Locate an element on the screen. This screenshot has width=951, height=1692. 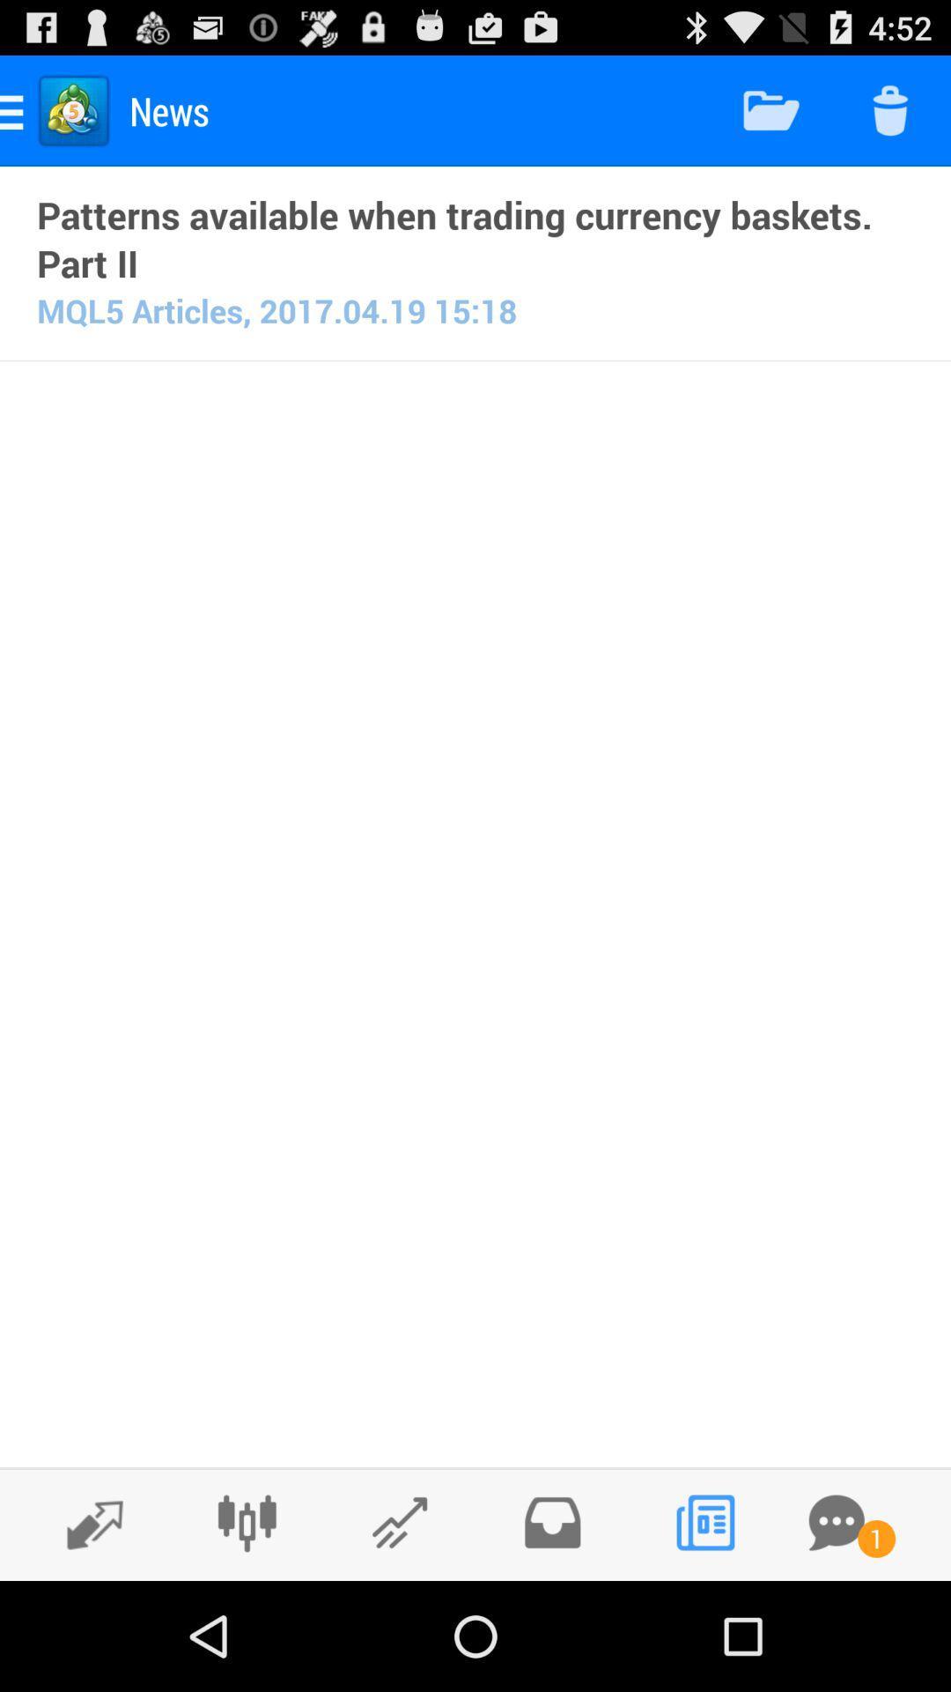
the chat icon is located at coordinates (836, 1629).